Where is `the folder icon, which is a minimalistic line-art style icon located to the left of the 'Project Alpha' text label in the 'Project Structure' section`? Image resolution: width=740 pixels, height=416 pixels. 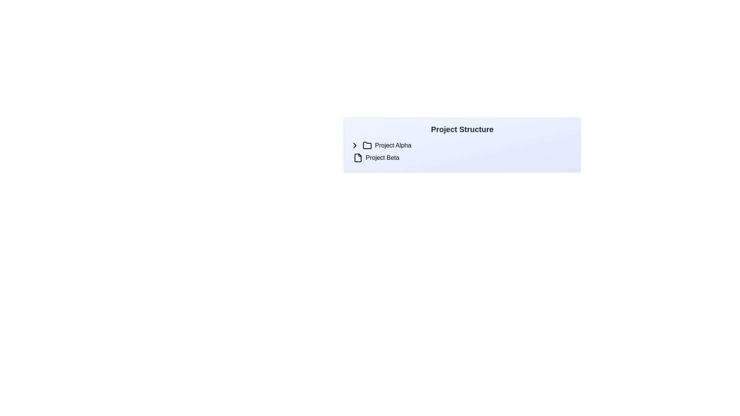 the folder icon, which is a minimalistic line-art style icon located to the left of the 'Project Alpha' text label in the 'Project Structure' section is located at coordinates (367, 145).